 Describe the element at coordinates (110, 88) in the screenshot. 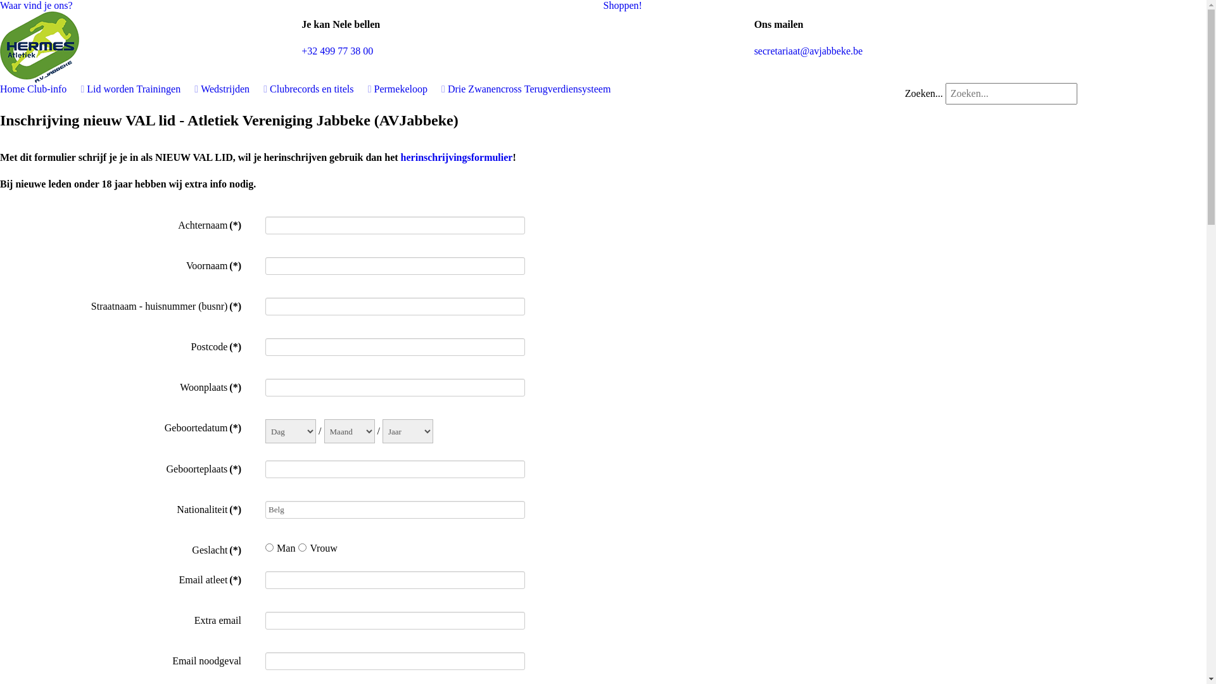

I see `'Lid worden'` at that location.